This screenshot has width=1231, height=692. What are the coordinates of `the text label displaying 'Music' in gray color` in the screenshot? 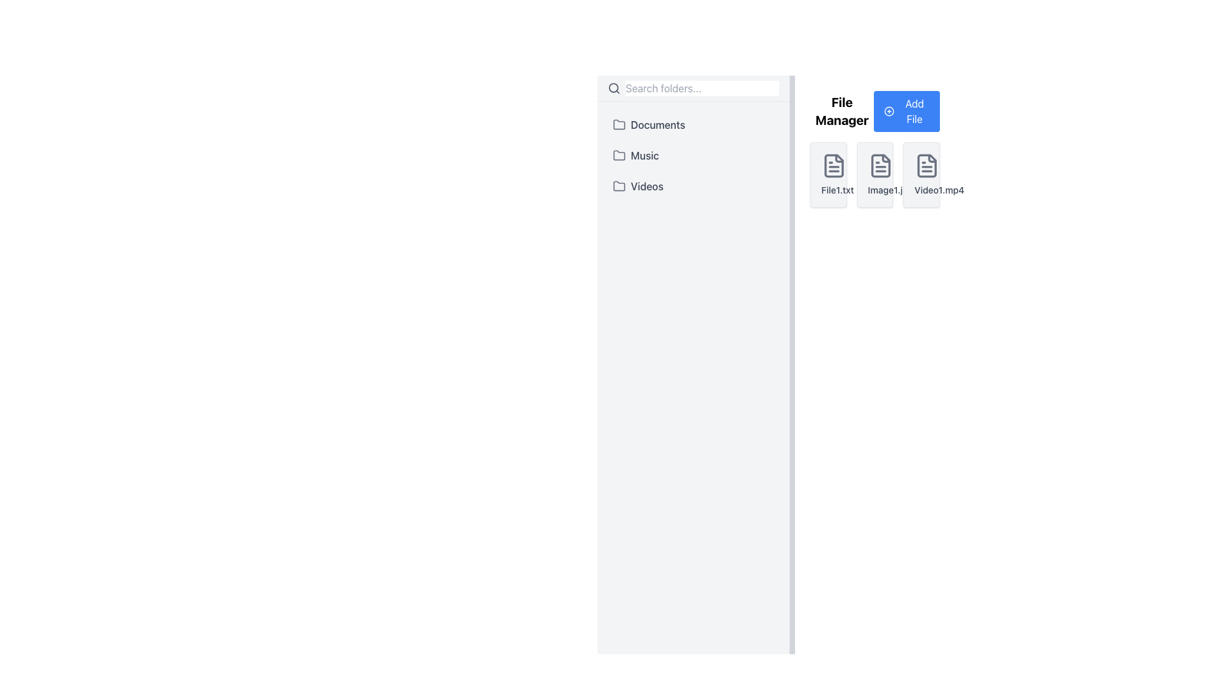 It's located at (645, 155).